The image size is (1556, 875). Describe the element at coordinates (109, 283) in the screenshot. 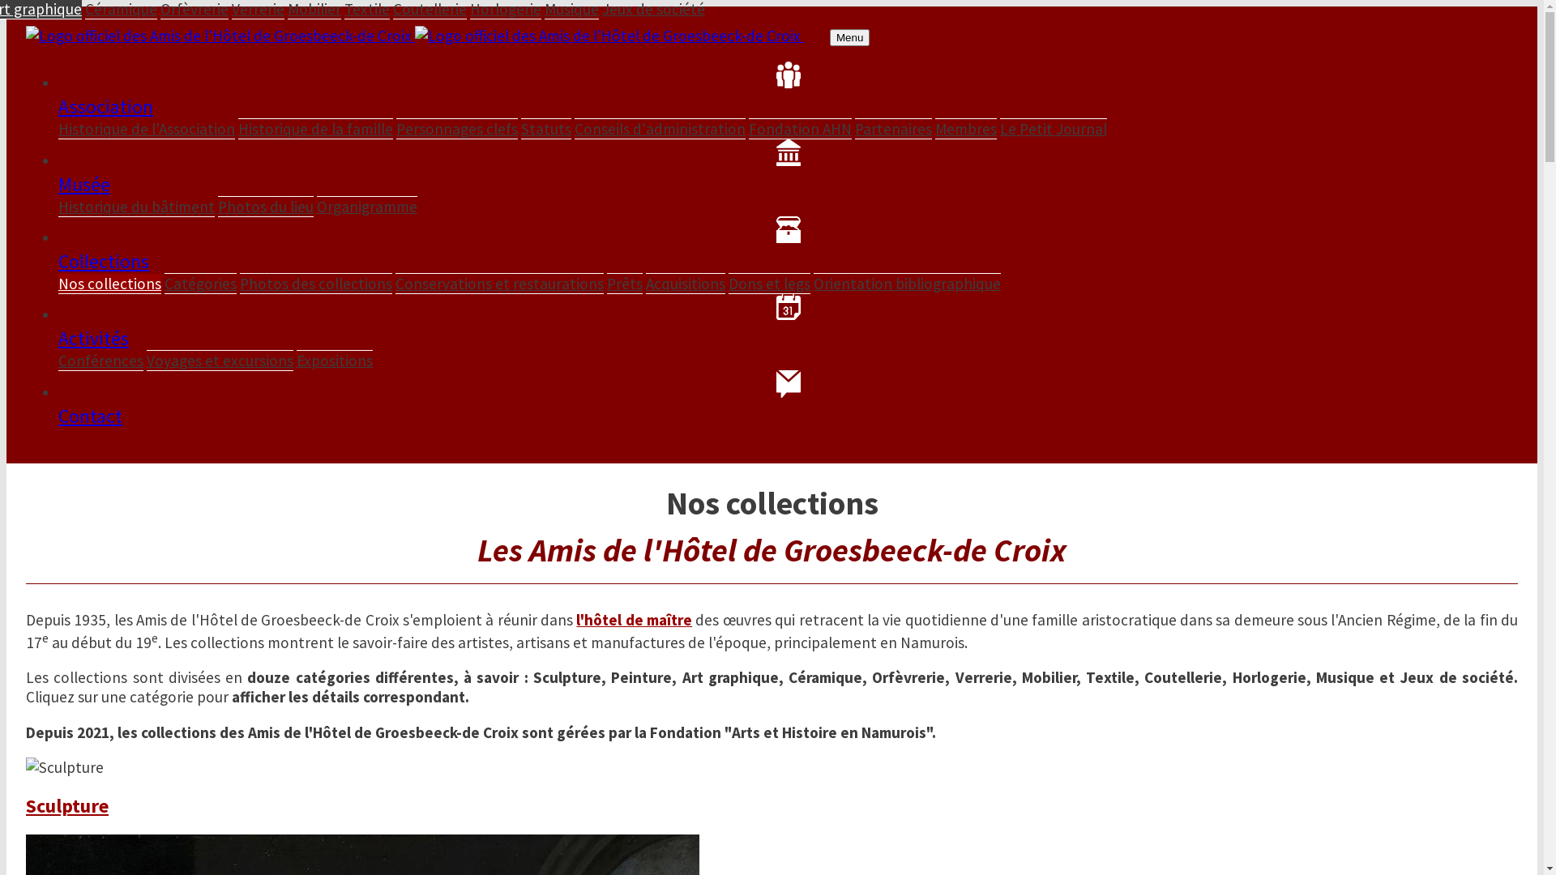

I see `'Nos collections'` at that location.